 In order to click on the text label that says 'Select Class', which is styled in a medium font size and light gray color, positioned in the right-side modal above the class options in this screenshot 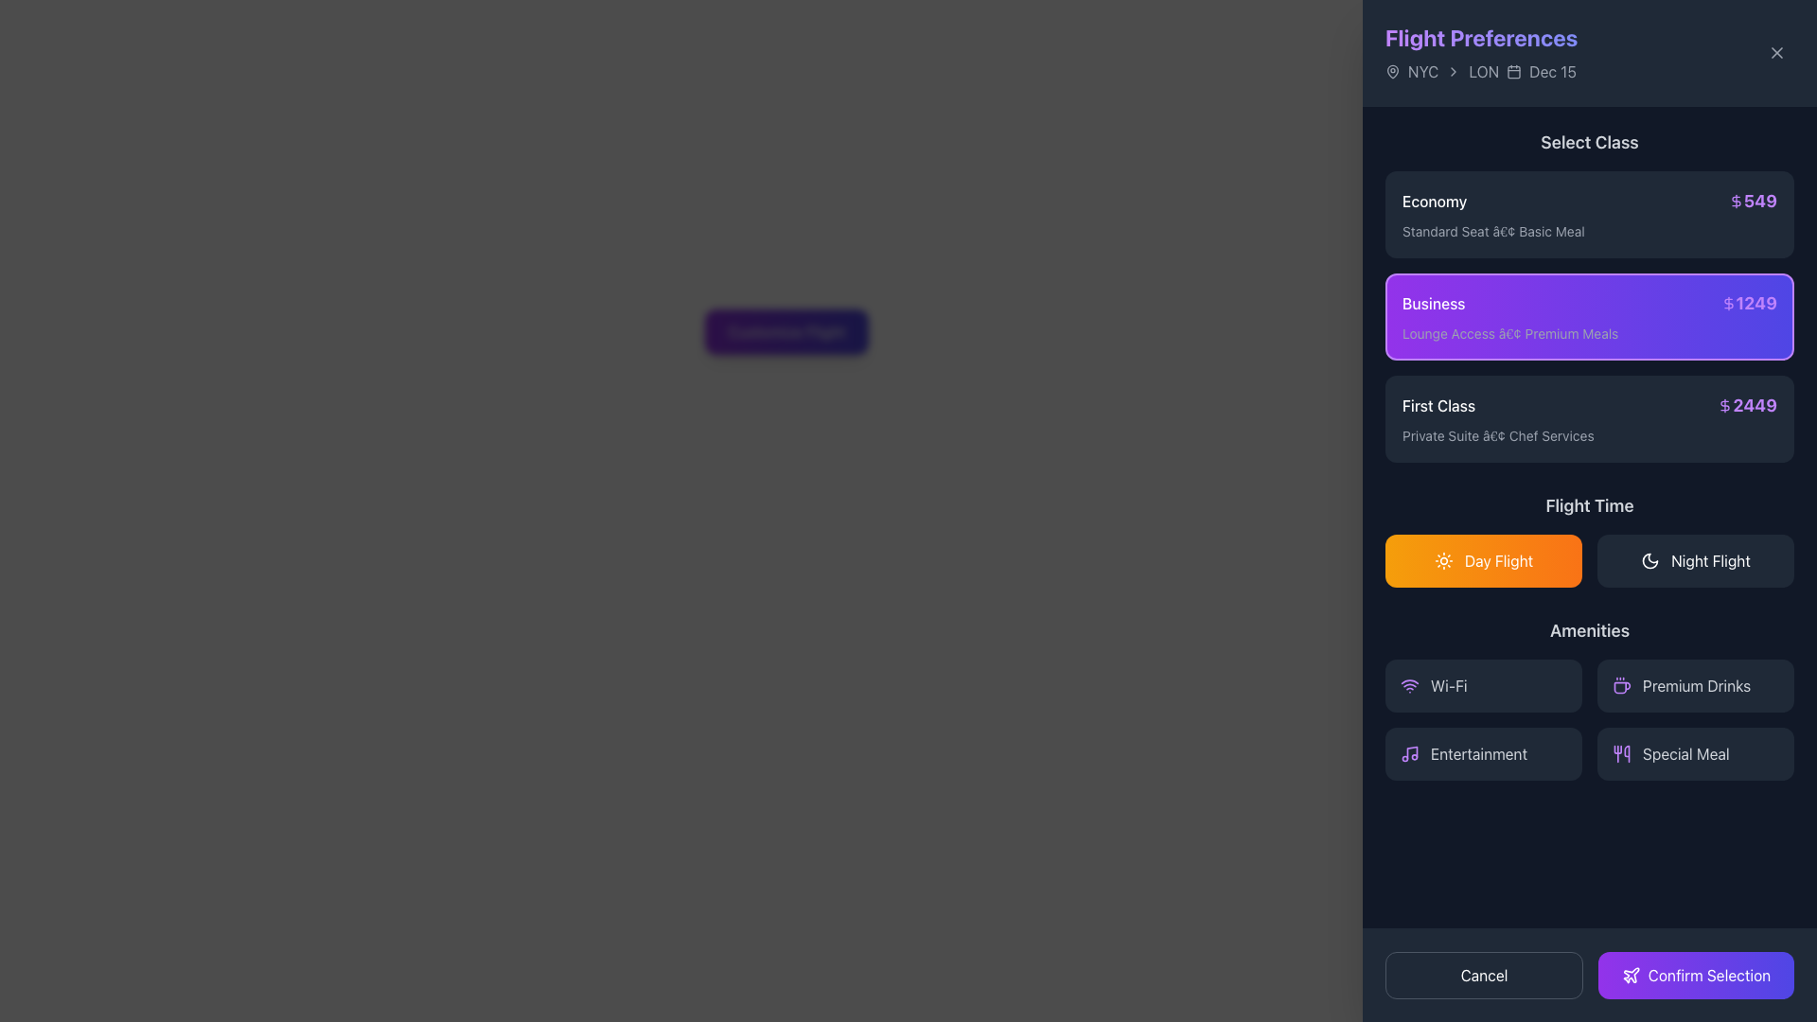, I will do `click(1590, 141)`.